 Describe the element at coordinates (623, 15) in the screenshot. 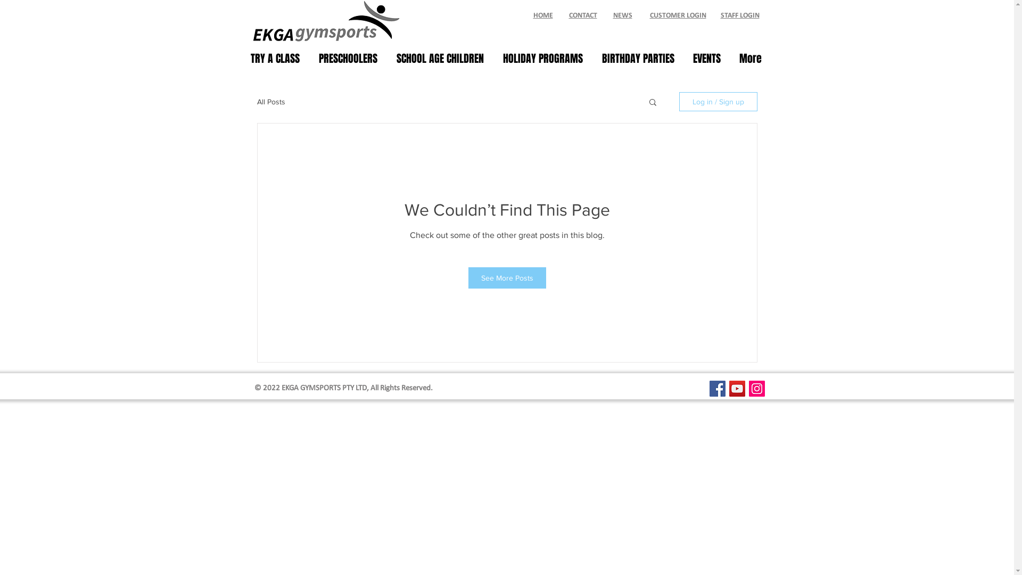

I see `'NEWS'` at that location.